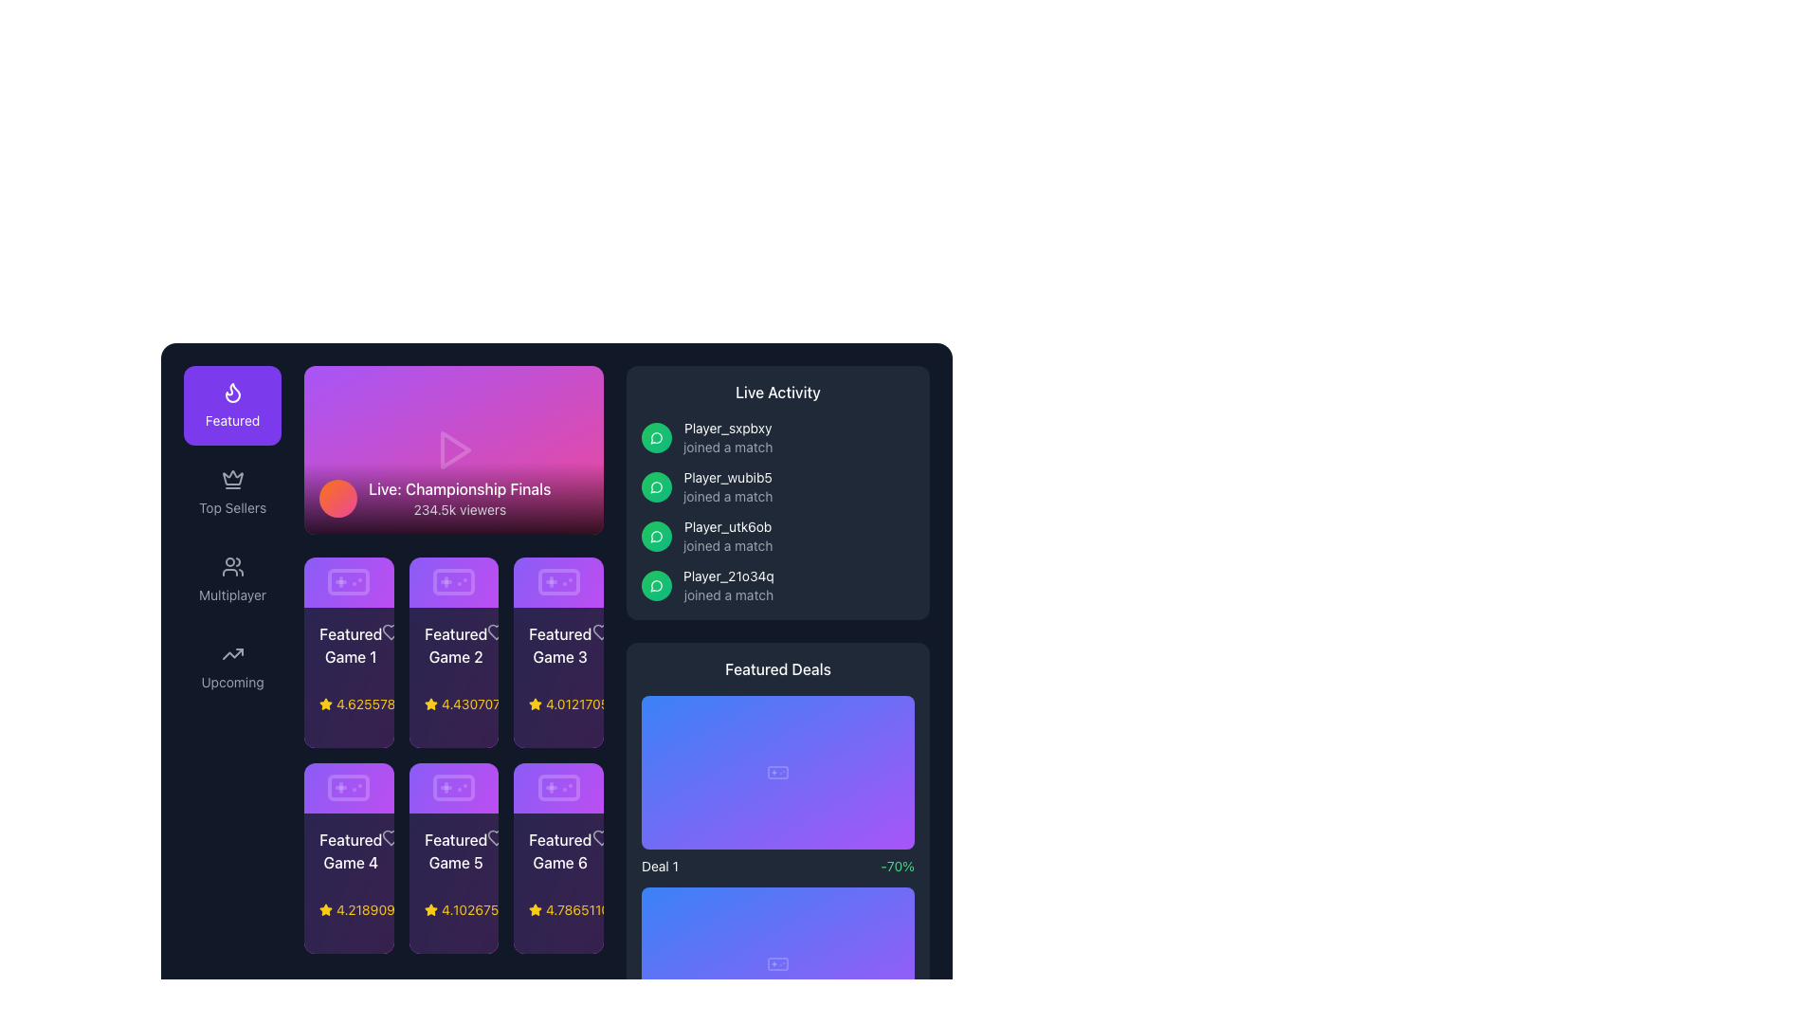 This screenshot has width=1820, height=1024. I want to click on activity information from the Informational panel displaying recent player activity updates, located in the top right quadrant above the 'Featured Deals' section, so click(777, 492).